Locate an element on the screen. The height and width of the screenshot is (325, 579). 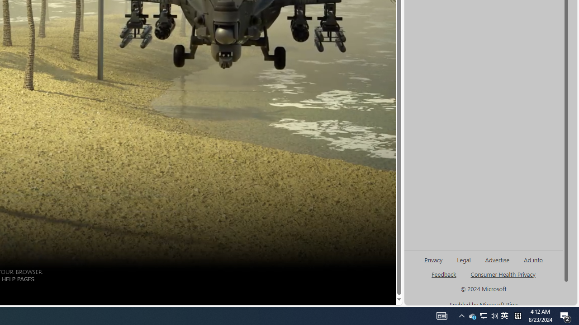
'AutomationID: genId96' is located at coordinates (461, 315).